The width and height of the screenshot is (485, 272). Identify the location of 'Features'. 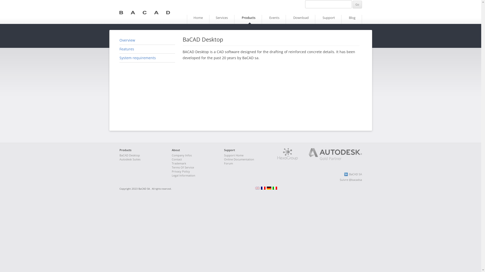
(119, 49).